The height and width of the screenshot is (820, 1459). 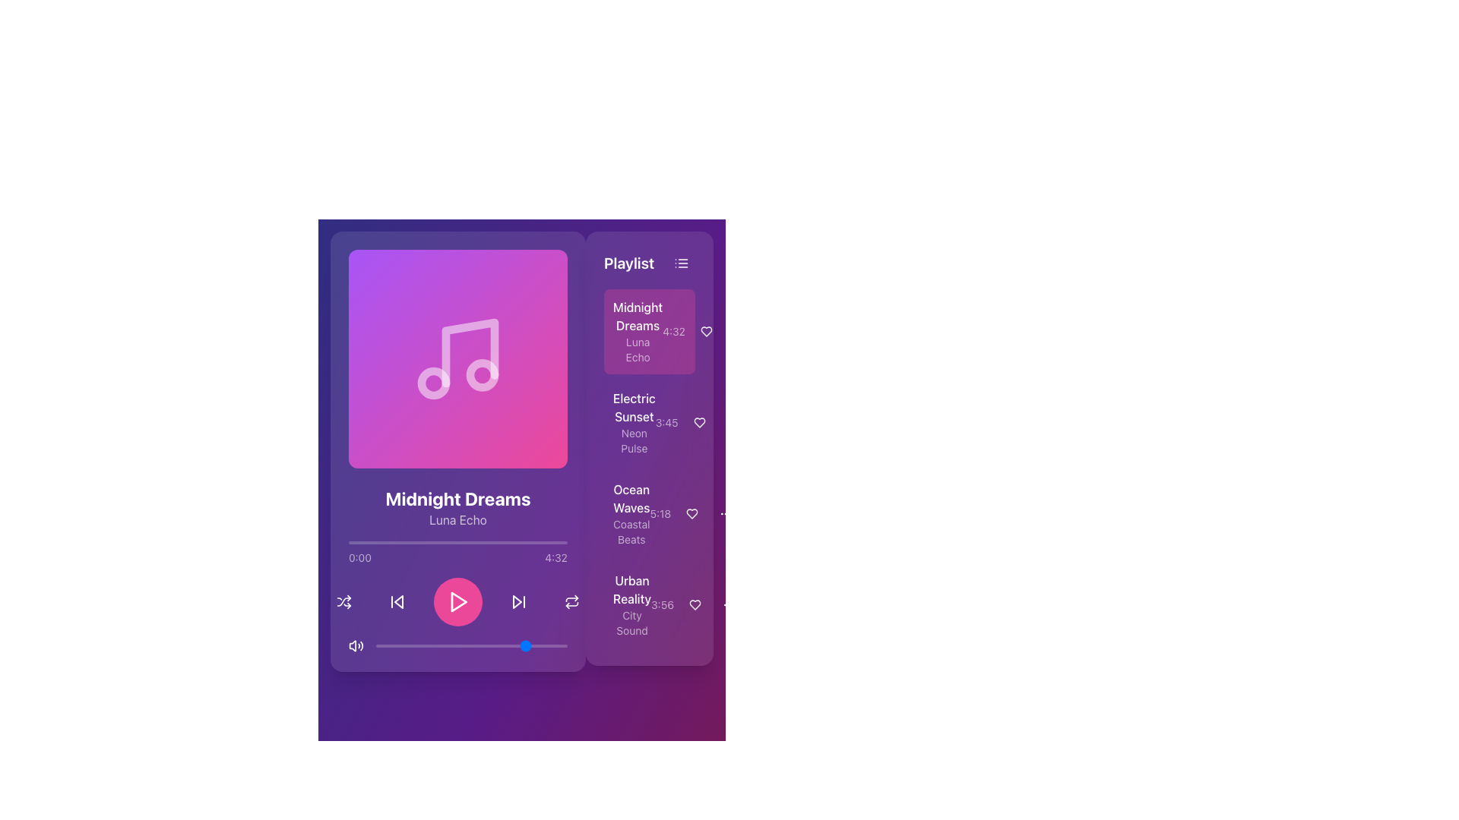 I want to click on playback progress, so click(x=426, y=646).